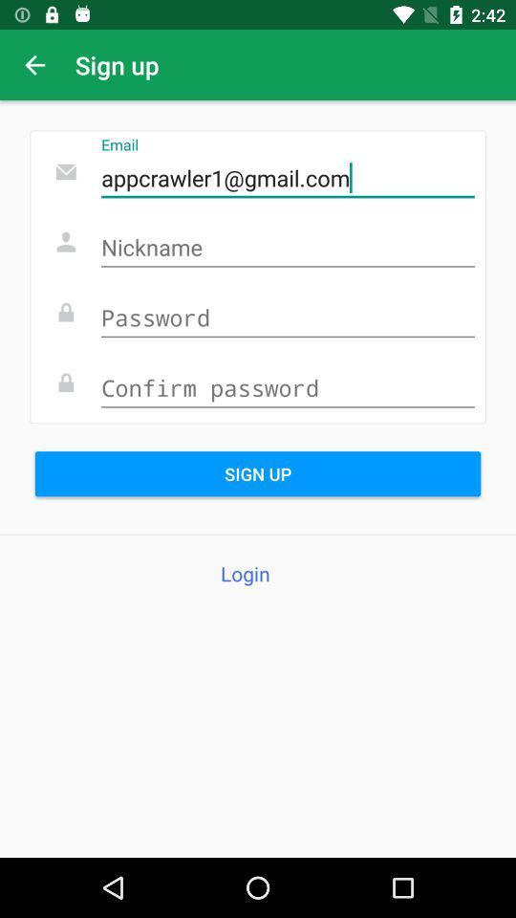 This screenshot has width=516, height=918. Describe the element at coordinates (287, 388) in the screenshot. I see `type the confirm password` at that location.